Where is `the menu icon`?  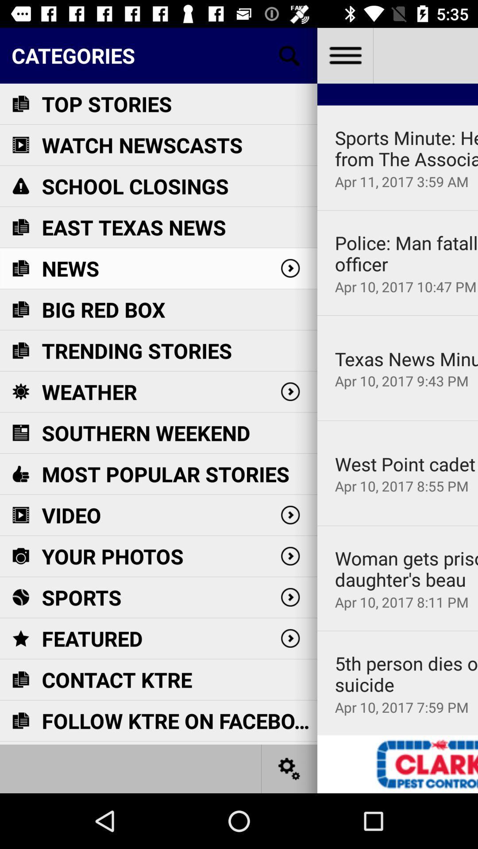 the menu icon is located at coordinates (344, 55).